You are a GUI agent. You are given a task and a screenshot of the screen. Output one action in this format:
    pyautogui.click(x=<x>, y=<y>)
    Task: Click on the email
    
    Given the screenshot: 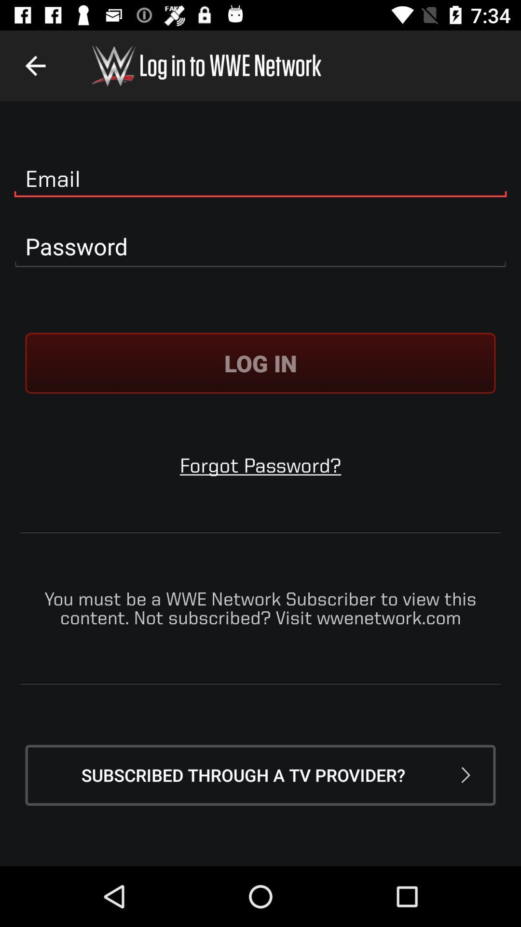 What is the action you would take?
    pyautogui.click(x=260, y=179)
    